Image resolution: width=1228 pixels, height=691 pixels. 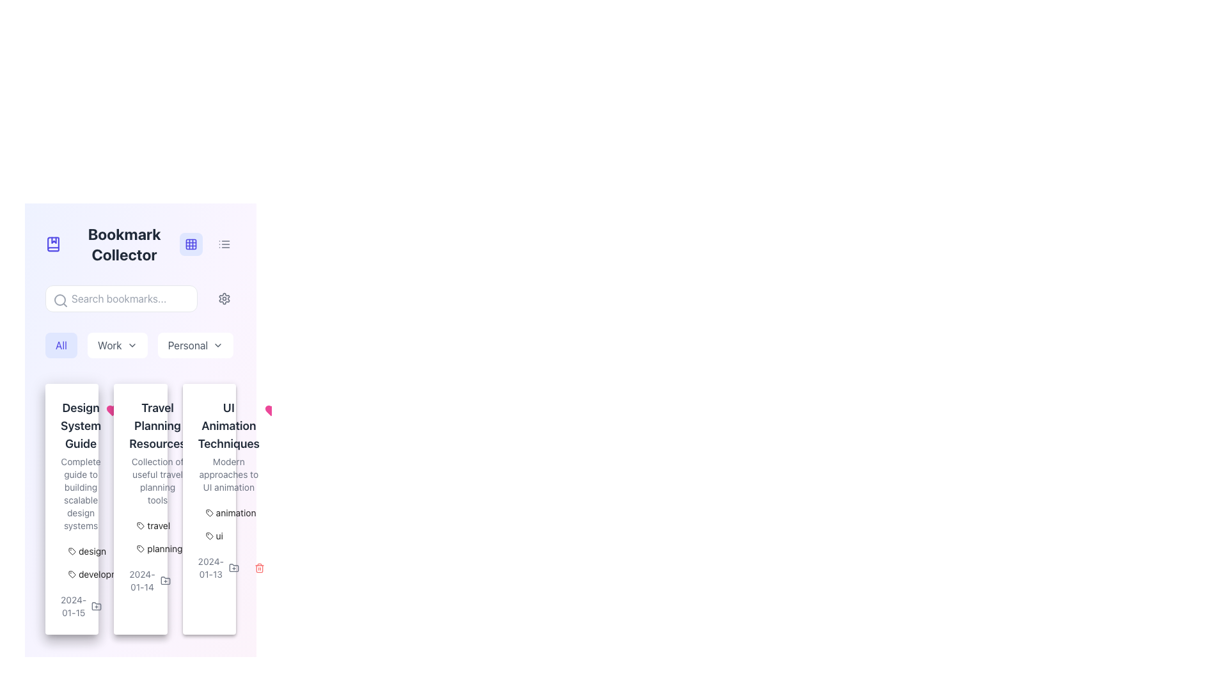 I want to click on the circular icon component within the magnifying glass search icon located in the header section, positioned to the left of the input field, so click(x=59, y=300).